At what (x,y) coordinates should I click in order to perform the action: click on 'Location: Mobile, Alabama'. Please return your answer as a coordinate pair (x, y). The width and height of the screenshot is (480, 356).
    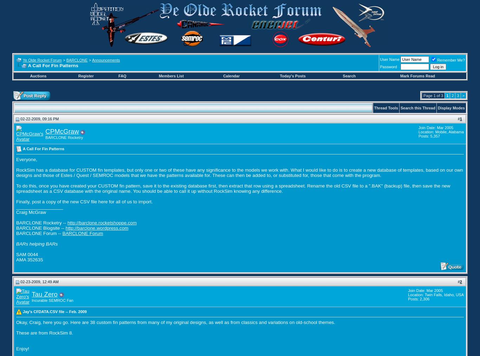
    Looking at the image, I should click on (440, 131).